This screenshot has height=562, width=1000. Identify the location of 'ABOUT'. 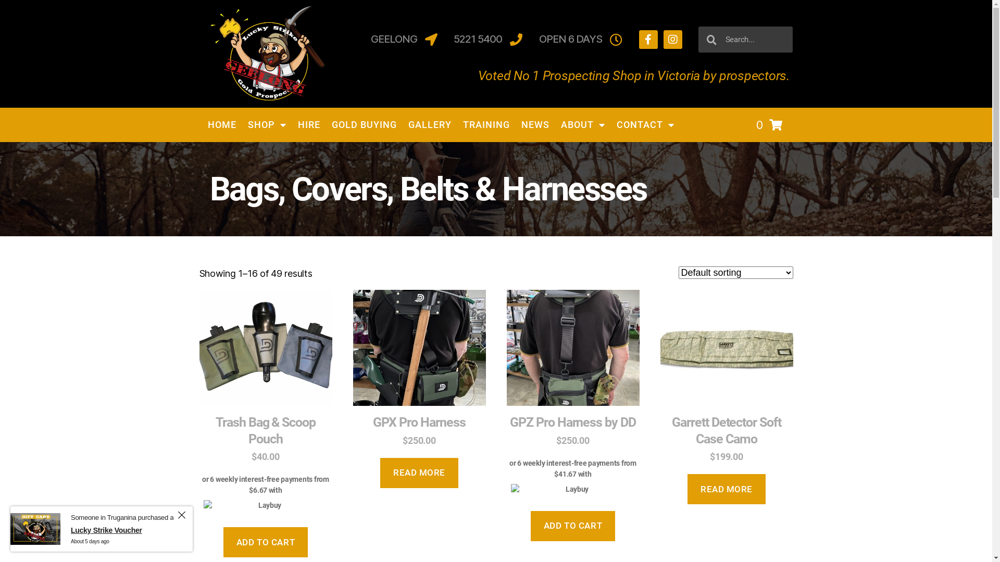
(554, 124).